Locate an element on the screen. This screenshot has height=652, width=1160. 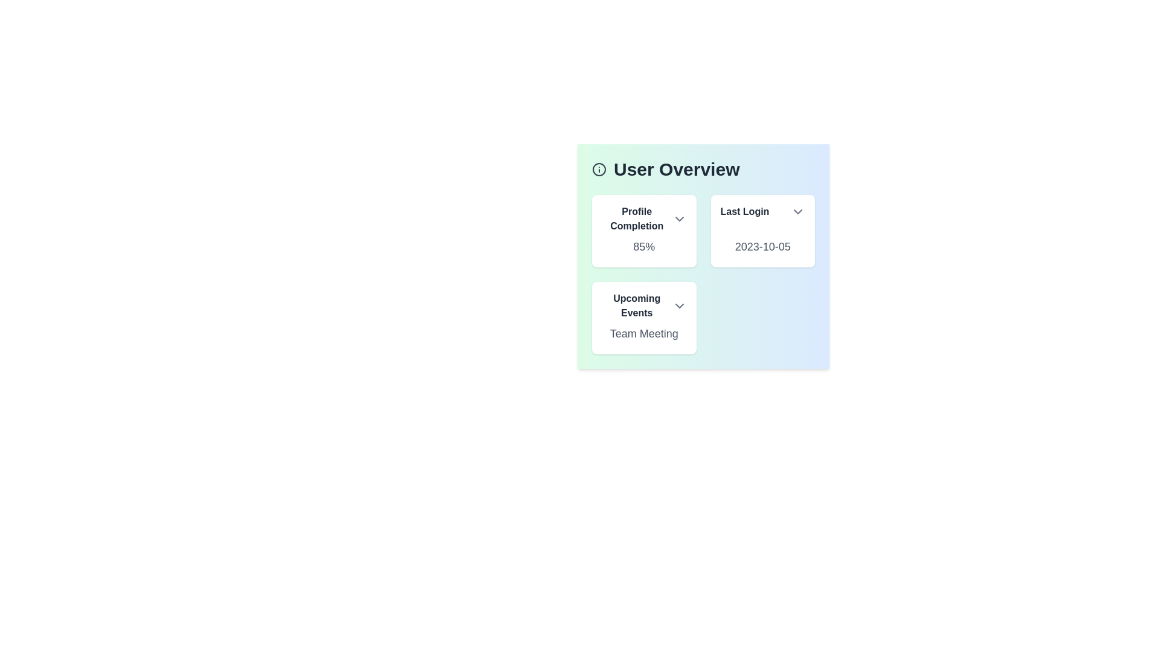
text displayed in the text display element that shows 'Team Meeting', located under the heading 'Upcoming Events' in the card-like component is located at coordinates (643, 333).